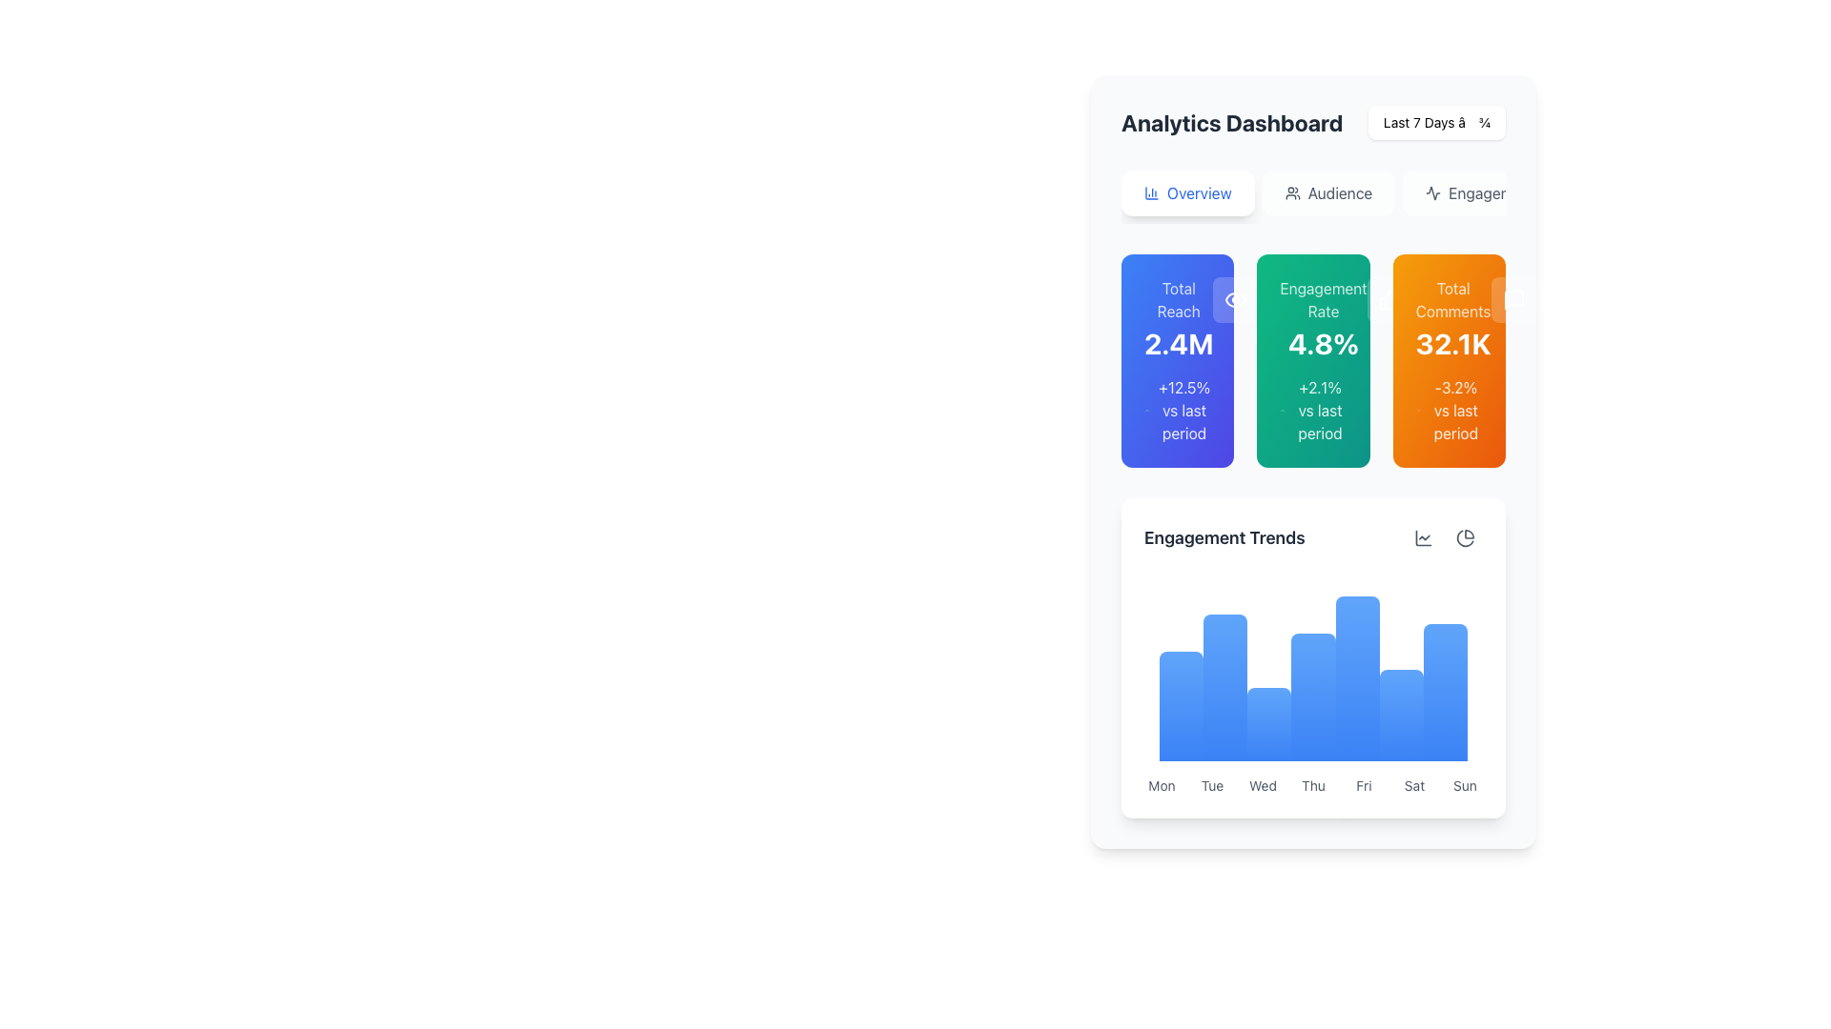 This screenshot has height=1029, width=1831. Describe the element at coordinates (1211, 786) in the screenshot. I see `the text label indicating Tuesday, which is the second item in the group of weekday labels below the 'Engagement Trends' bar chart` at that location.